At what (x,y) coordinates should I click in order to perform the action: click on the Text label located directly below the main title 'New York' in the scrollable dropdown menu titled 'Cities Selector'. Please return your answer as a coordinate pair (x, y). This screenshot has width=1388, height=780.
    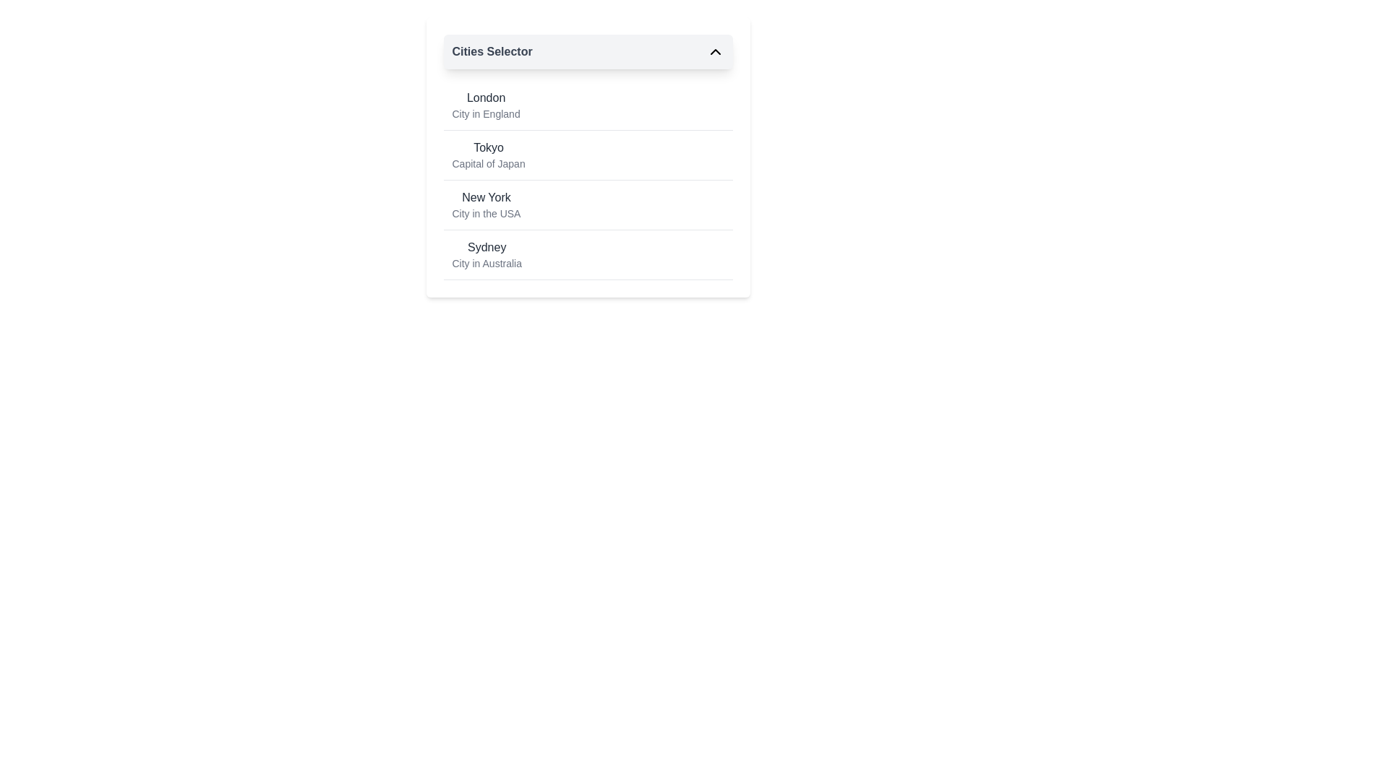
    Looking at the image, I should click on (486, 214).